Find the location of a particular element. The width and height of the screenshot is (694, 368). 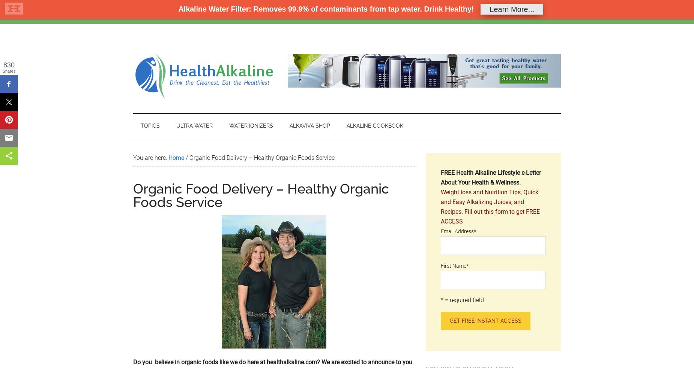

'Alkaline Water Filter: Removes 99.9% of contaminants from tap water. Drink Healthy!' is located at coordinates (326, 8).